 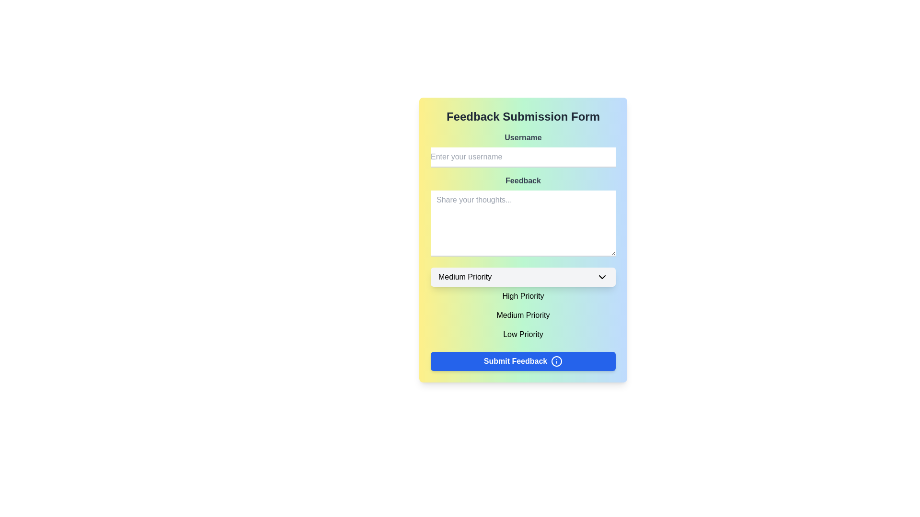 What do you see at coordinates (557, 361) in the screenshot?
I see `the information icon, which is a white outlined circle with a dot and vertical line, located to the right of the 'Submit Feedback' button` at bounding box center [557, 361].